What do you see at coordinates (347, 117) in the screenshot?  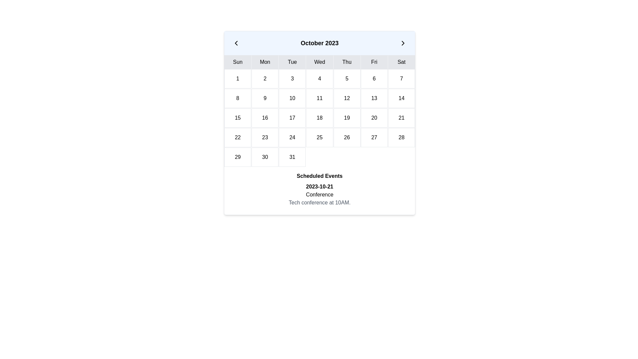 I see `the calendar date tile representing the number '19', which is located in the third row and fifth column of the calendar grid under 'Thu'` at bounding box center [347, 117].